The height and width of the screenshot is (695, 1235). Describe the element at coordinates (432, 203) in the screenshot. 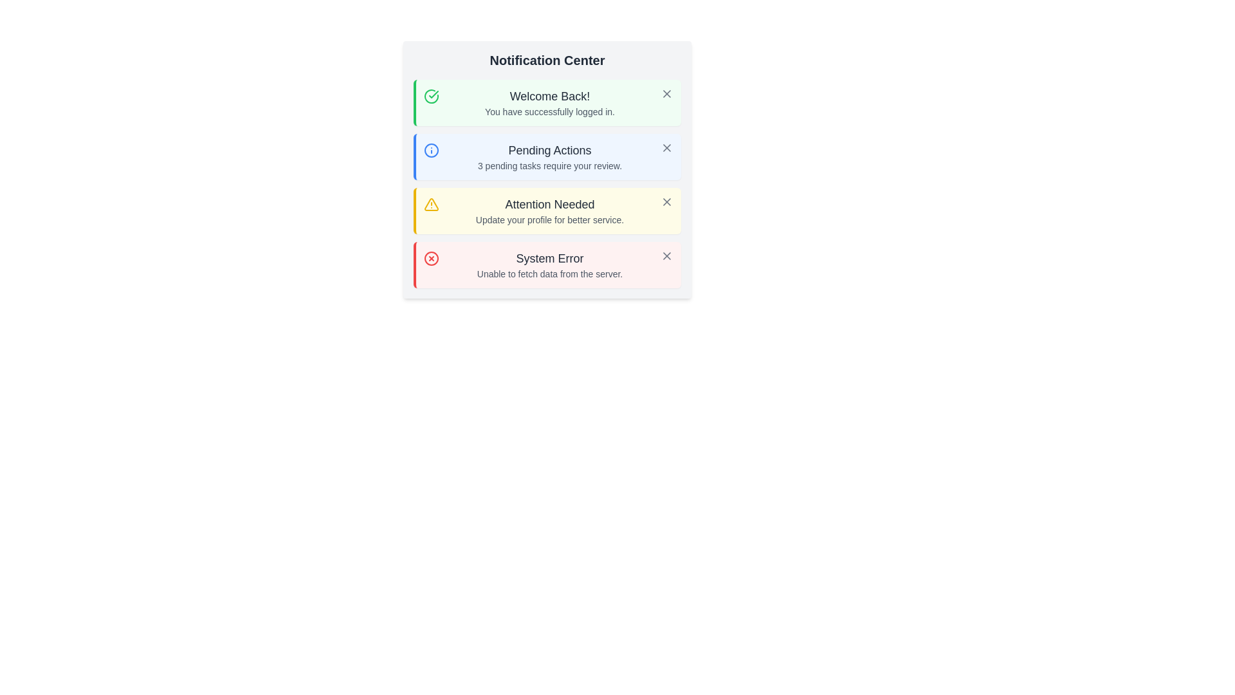

I see `the warning icon located in the third notification card of the Notification Center` at that location.